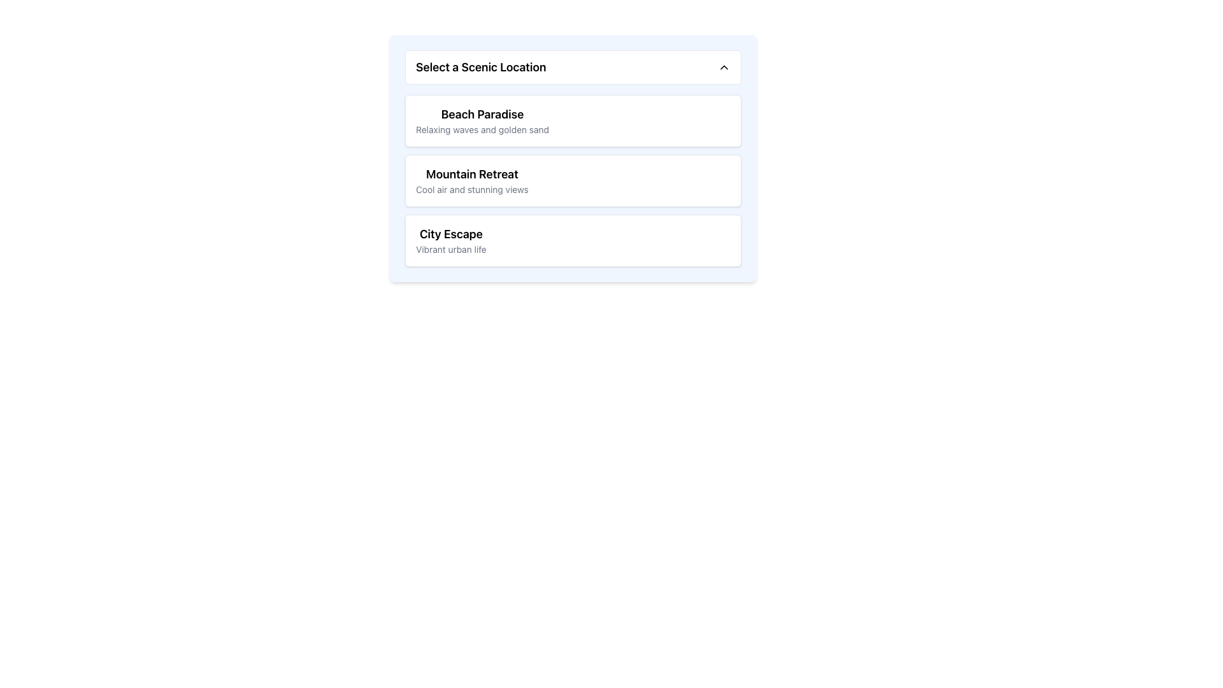 Image resolution: width=1223 pixels, height=688 pixels. Describe the element at coordinates (482, 130) in the screenshot. I see `additional descriptive information about the 'Beach Paradise' option, which is positioned directly underneath the title in the first list item of the vertical menu` at that location.